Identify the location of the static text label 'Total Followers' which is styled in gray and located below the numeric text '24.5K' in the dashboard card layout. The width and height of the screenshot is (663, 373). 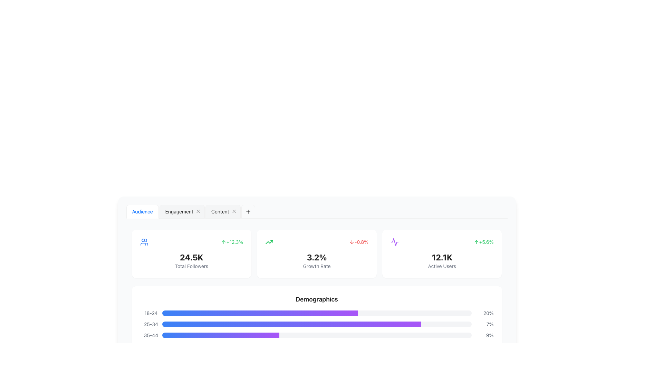
(191, 266).